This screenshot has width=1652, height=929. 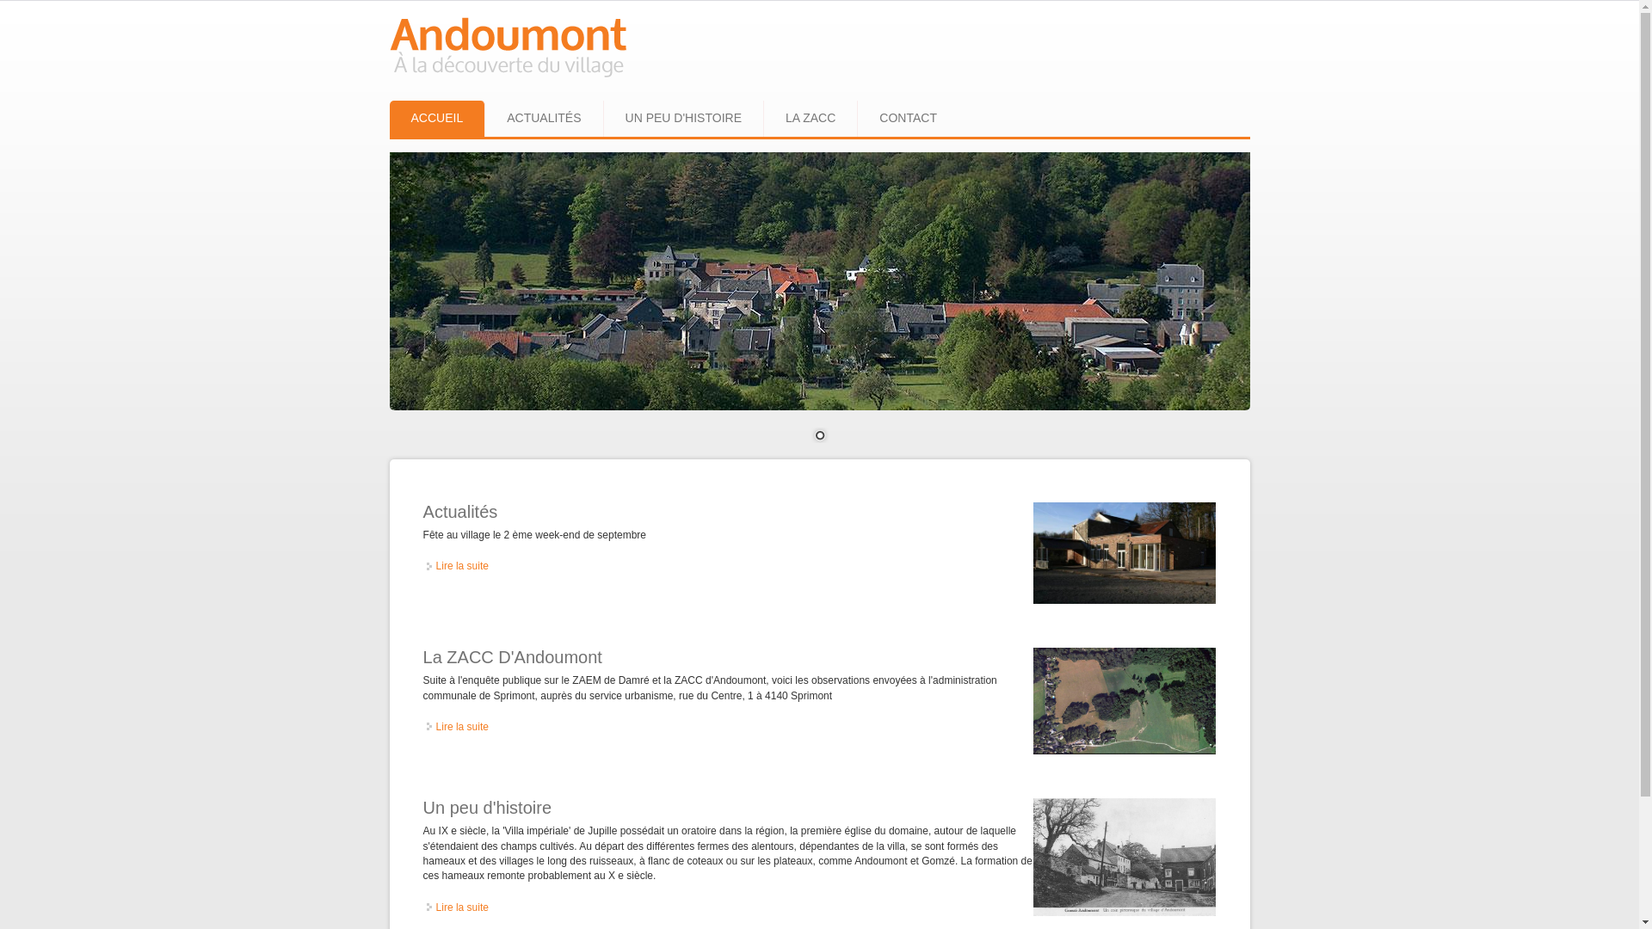 What do you see at coordinates (683, 117) in the screenshot?
I see `'UN PEU D'HISTOIRE'` at bounding box center [683, 117].